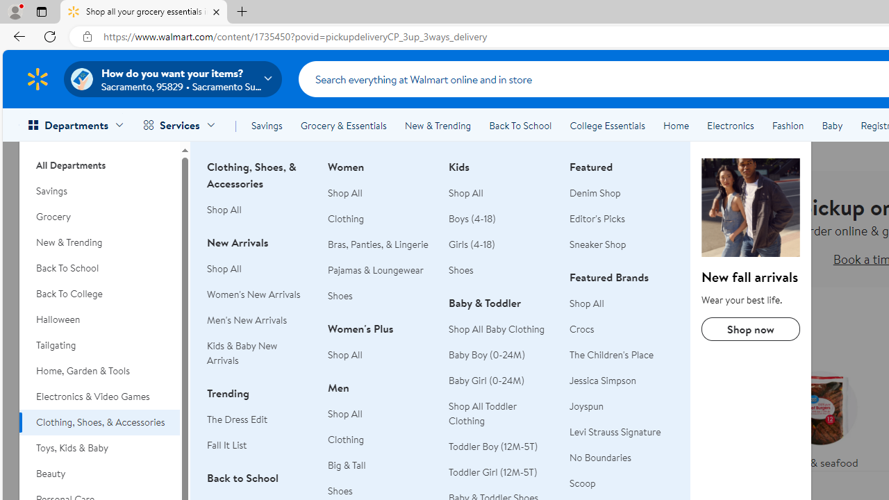 Image resolution: width=889 pixels, height=500 pixels. Describe the element at coordinates (500, 447) in the screenshot. I see `'Toddler Boy (12M-5T)'` at that location.